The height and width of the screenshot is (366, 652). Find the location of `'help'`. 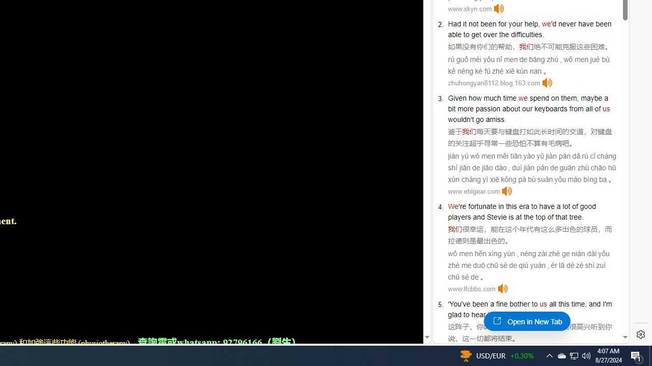

'help' is located at coordinates (531, 23).